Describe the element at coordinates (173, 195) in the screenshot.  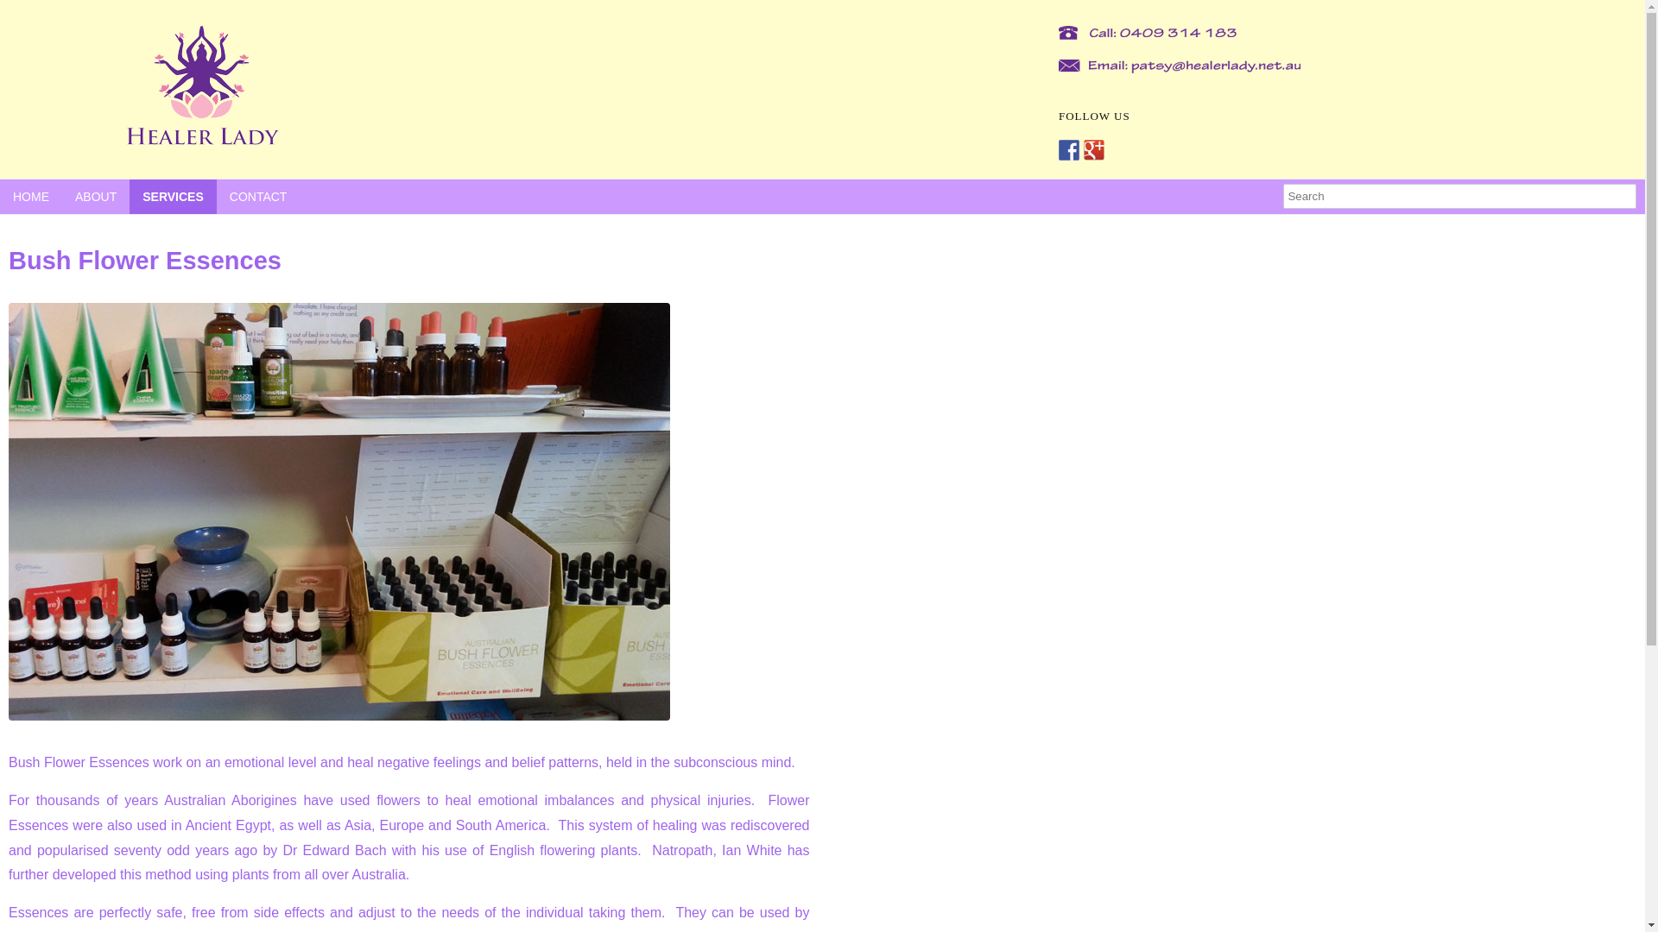
I see `'SERVICES'` at that location.